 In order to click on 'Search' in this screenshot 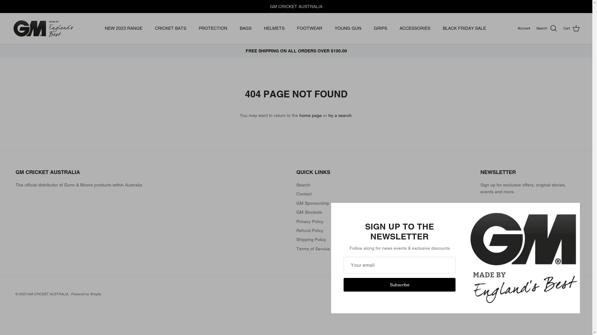, I will do `click(546, 29)`.